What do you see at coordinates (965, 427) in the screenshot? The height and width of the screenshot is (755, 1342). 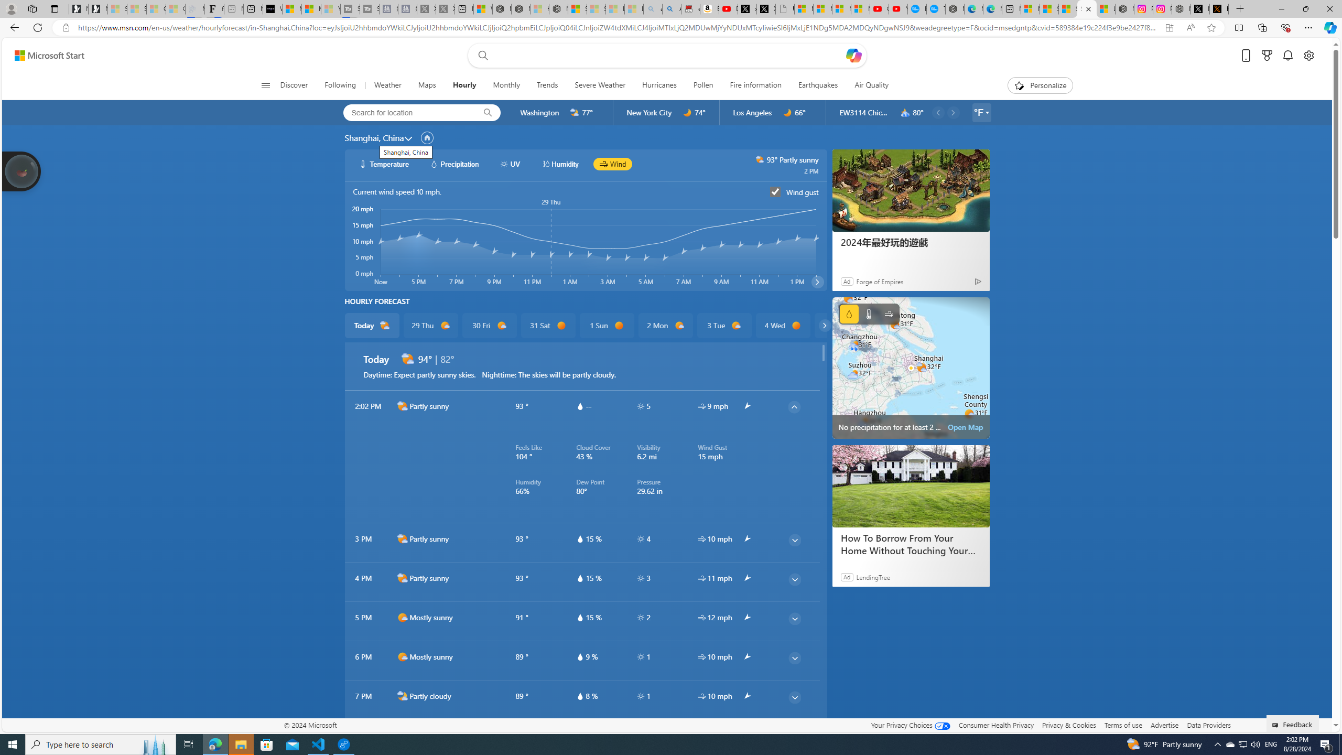 I see `'Open Map'` at bounding box center [965, 427].